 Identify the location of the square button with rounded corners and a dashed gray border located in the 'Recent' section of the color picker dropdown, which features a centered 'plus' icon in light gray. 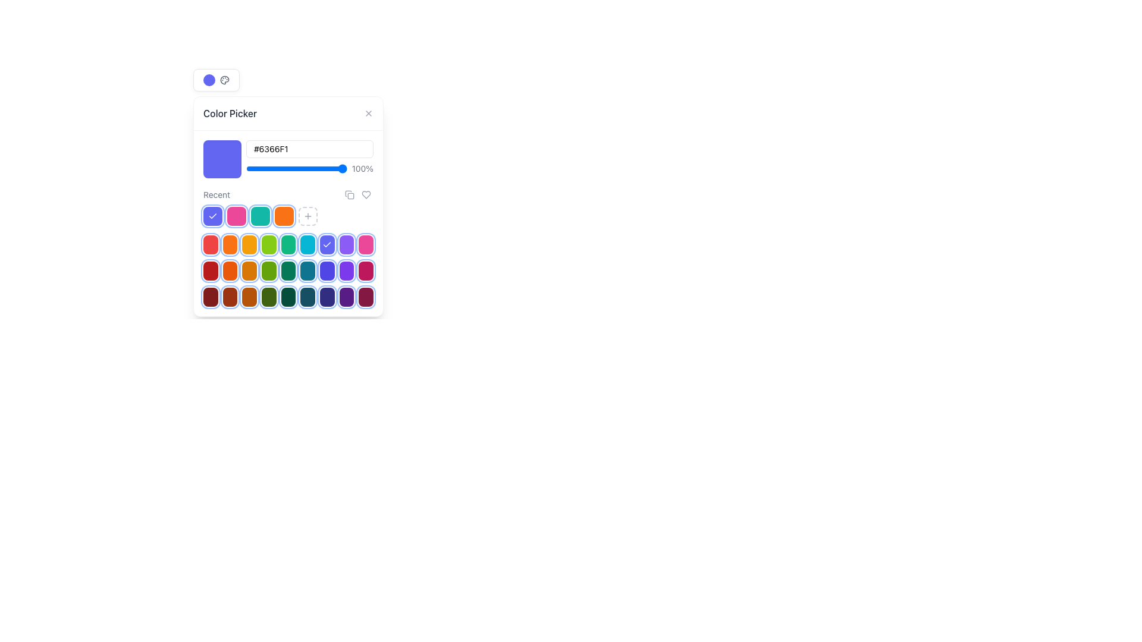
(308, 216).